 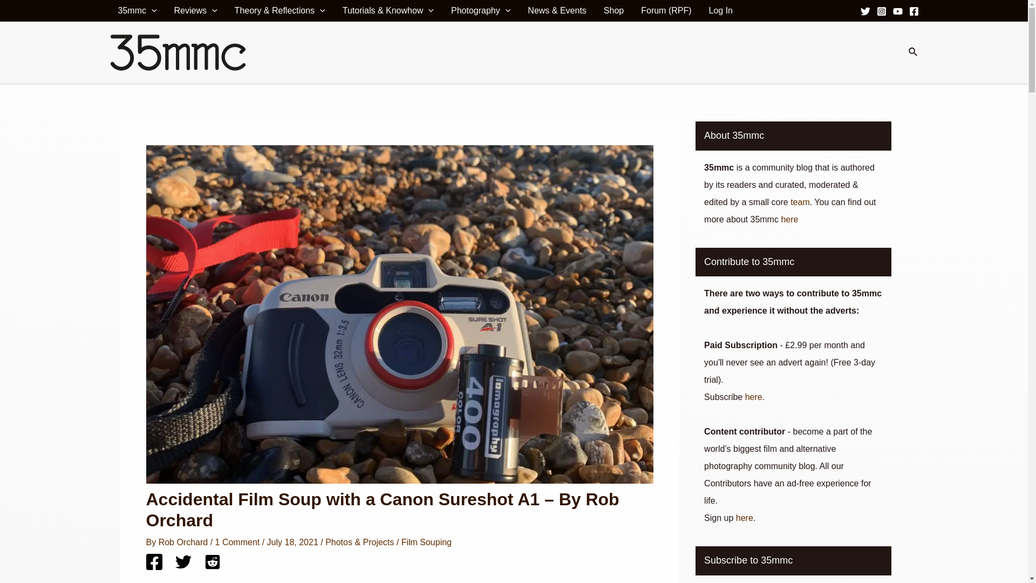 What do you see at coordinates (426, 542) in the screenshot?
I see `'Film Souping'` at bounding box center [426, 542].